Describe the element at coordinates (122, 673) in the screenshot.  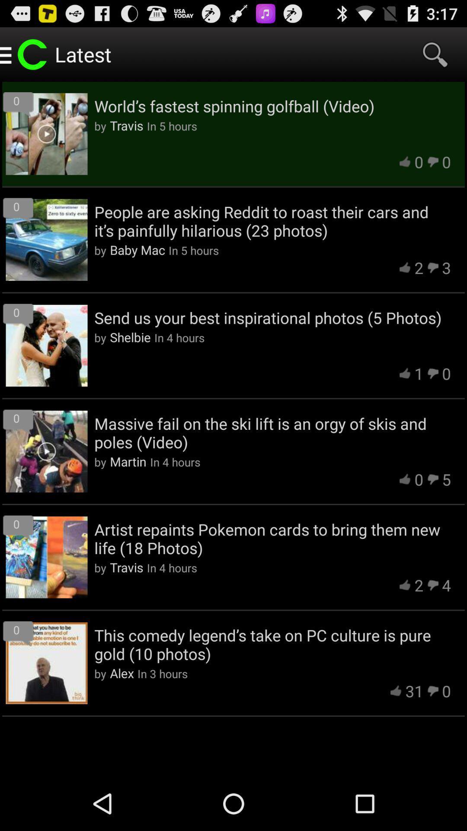
I see `the app to the right of by icon` at that location.